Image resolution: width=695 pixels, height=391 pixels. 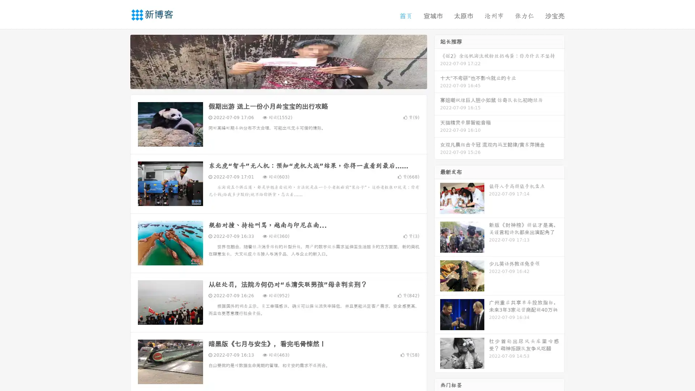 What do you see at coordinates (437, 61) in the screenshot?
I see `Next slide` at bounding box center [437, 61].